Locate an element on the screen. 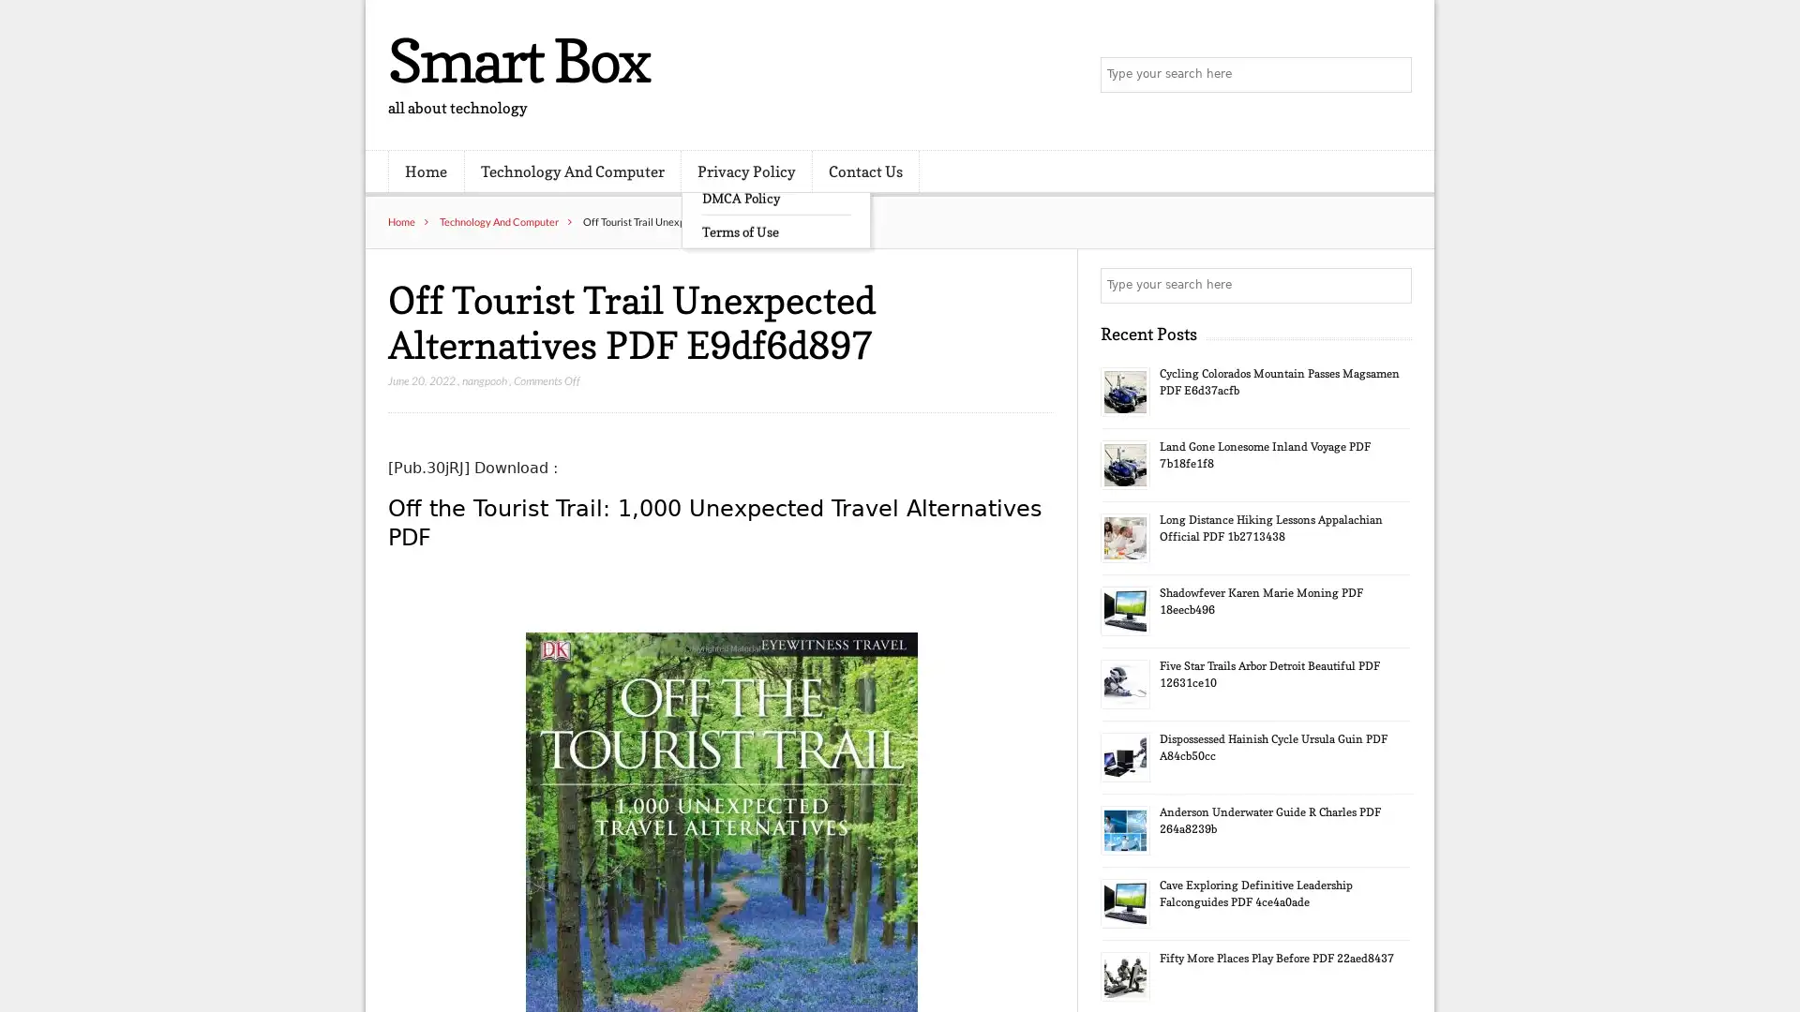 The image size is (1800, 1012). Search is located at coordinates (1392, 75).